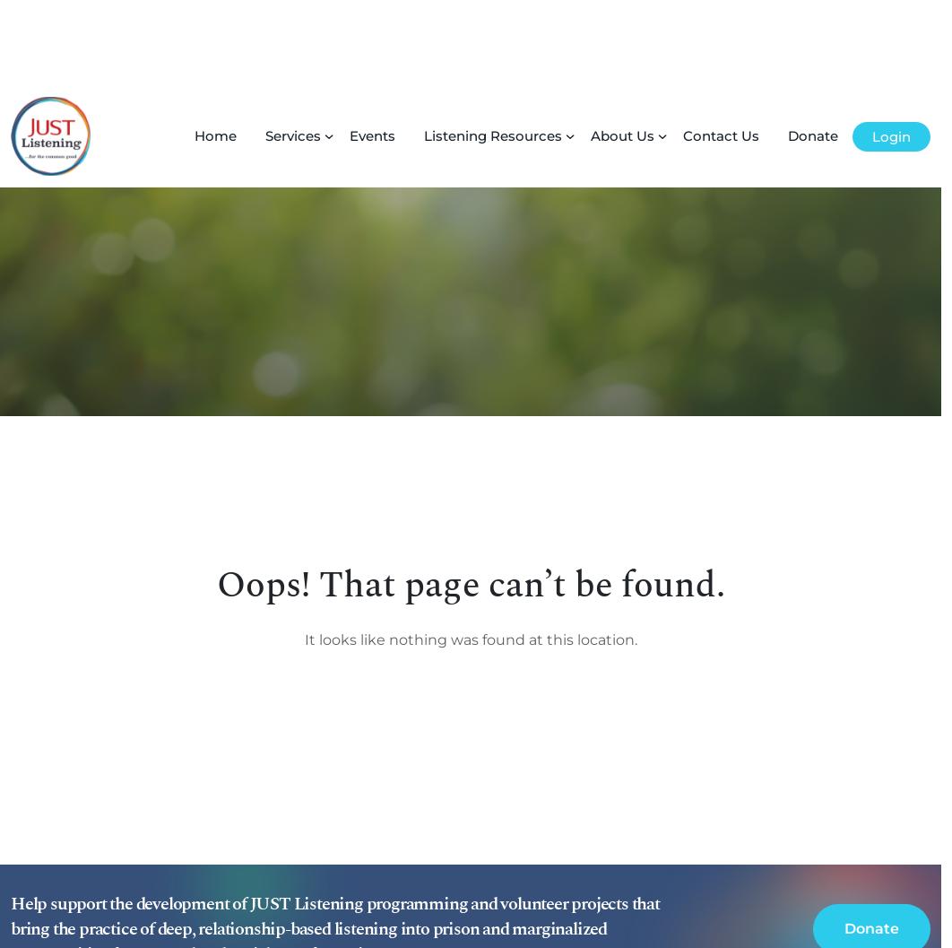 This screenshot has height=948, width=952. What do you see at coordinates (469, 554) in the screenshot?
I see `'It looks like nothing was found at this location.'` at bounding box center [469, 554].